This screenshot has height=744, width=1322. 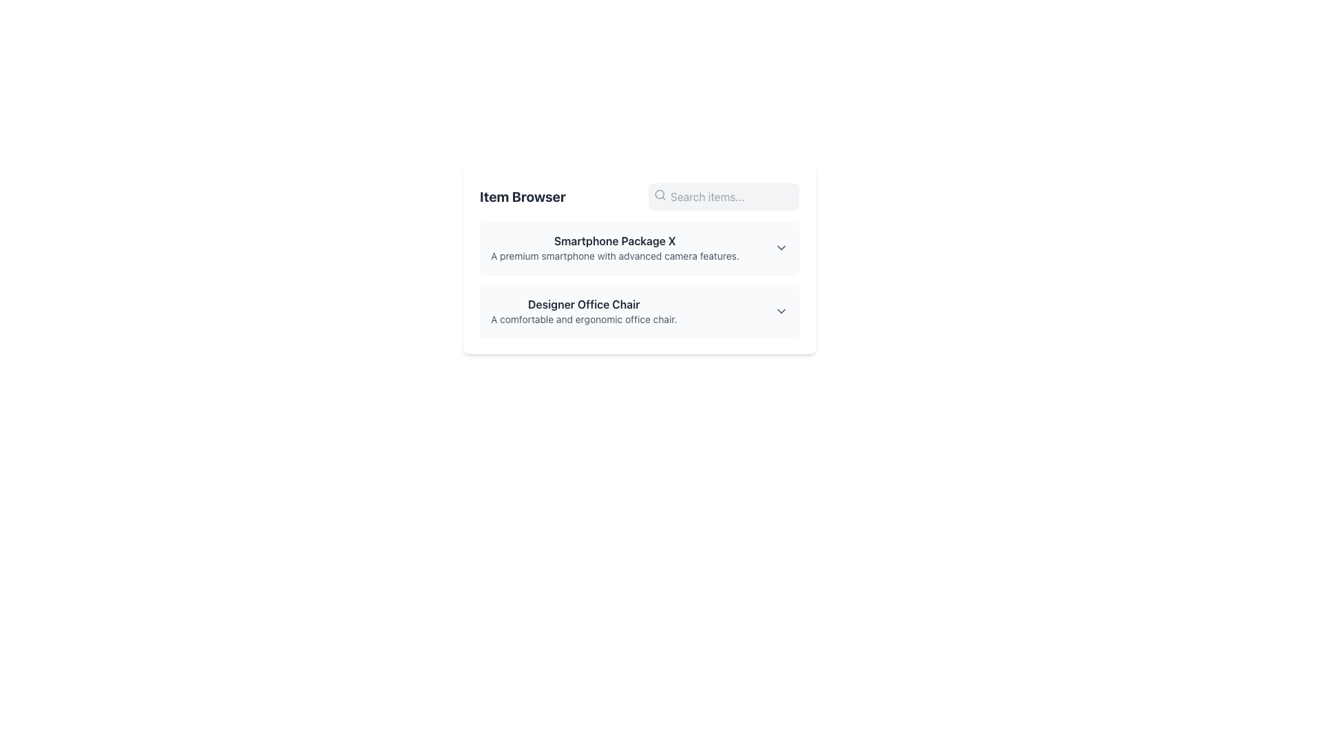 What do you see at coordinates (614, 256) in the screenshot?
I see `the text label that describes the 'Smartphone Package X' product, which emphasizes its advanced camera capabilities and is located under the title 'Smartphone Package X'` at bounding box center [614, 256].